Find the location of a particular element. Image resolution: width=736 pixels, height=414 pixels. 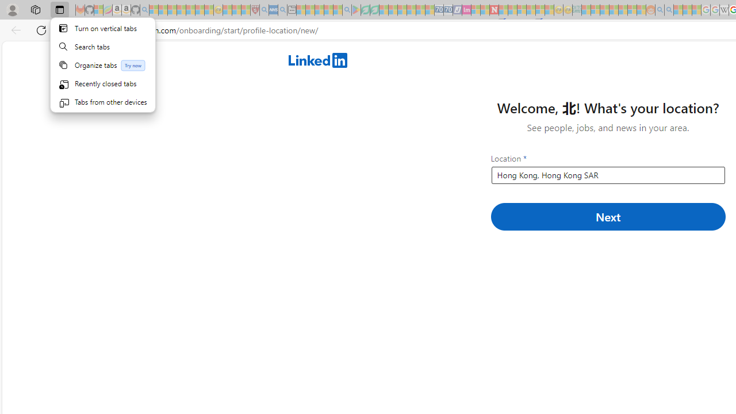

'Latest Politics News & Archive | Newsweek.com - Sleeping' is located at coordinates (494, 10).